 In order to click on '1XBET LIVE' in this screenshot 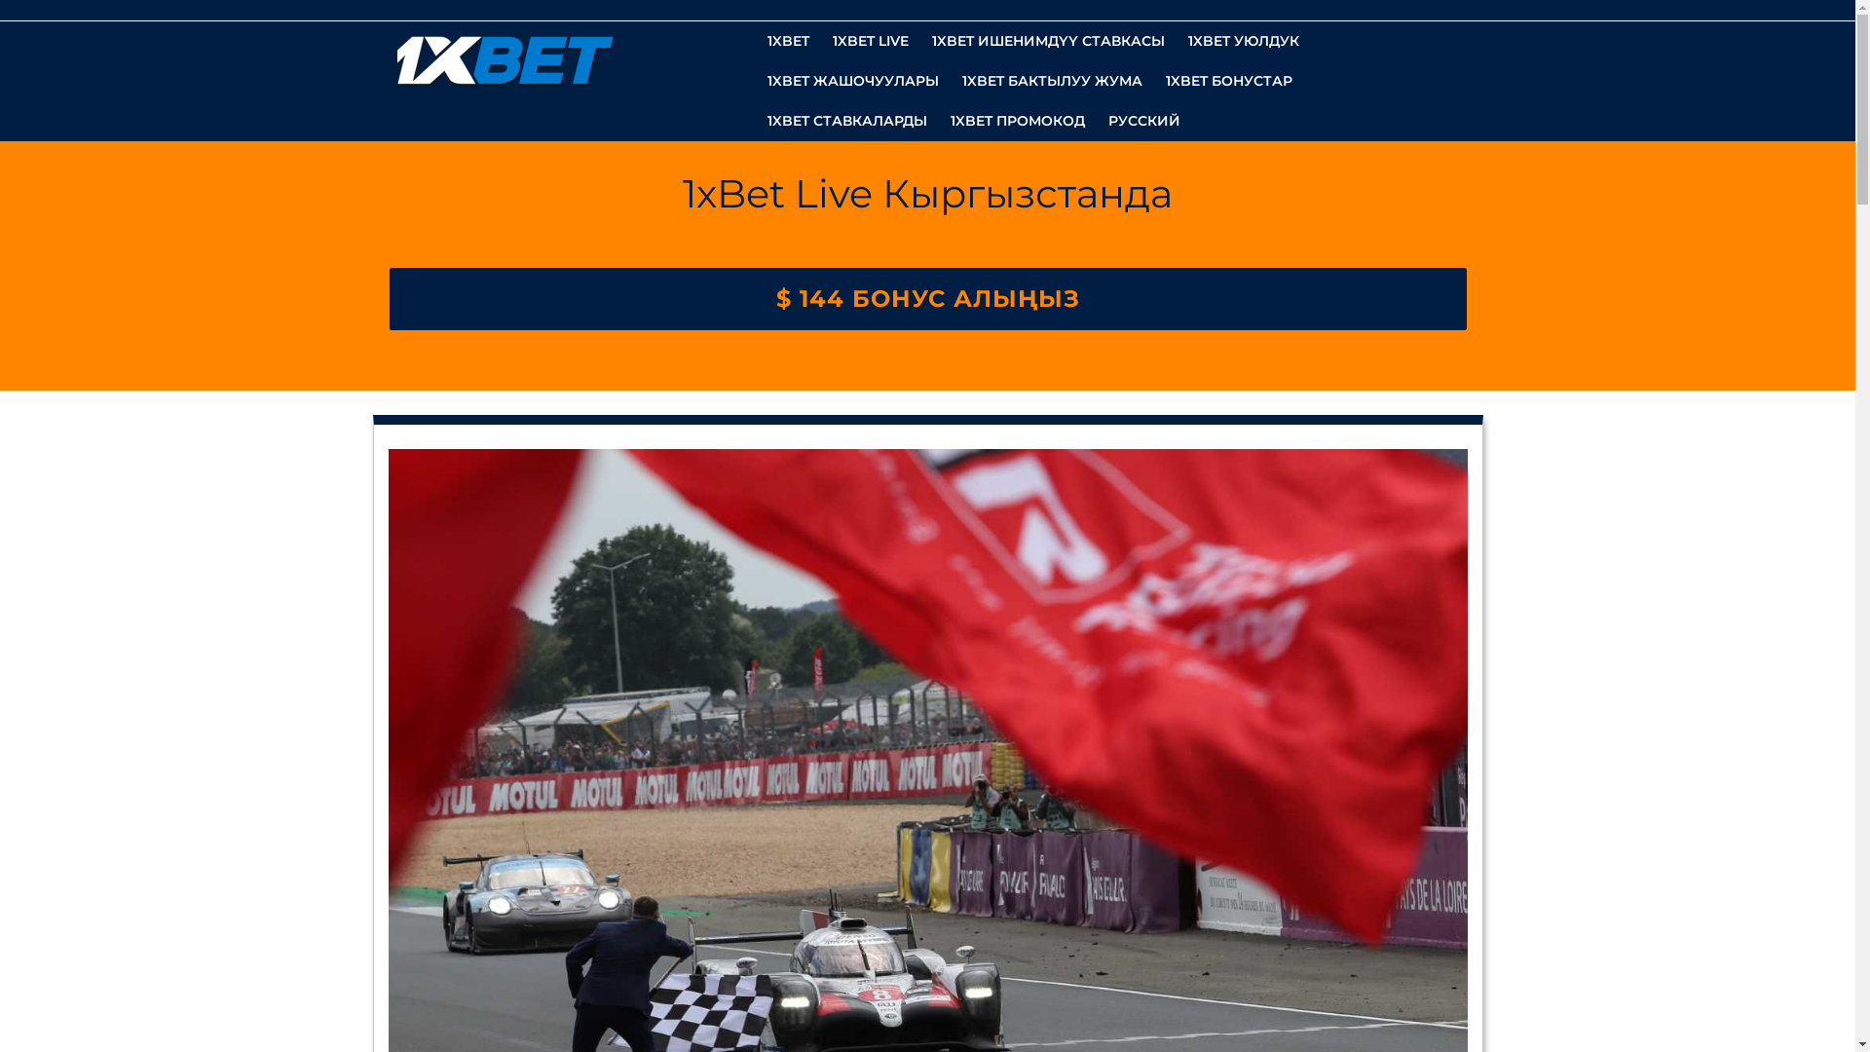, I will do `click(868, 41)`.